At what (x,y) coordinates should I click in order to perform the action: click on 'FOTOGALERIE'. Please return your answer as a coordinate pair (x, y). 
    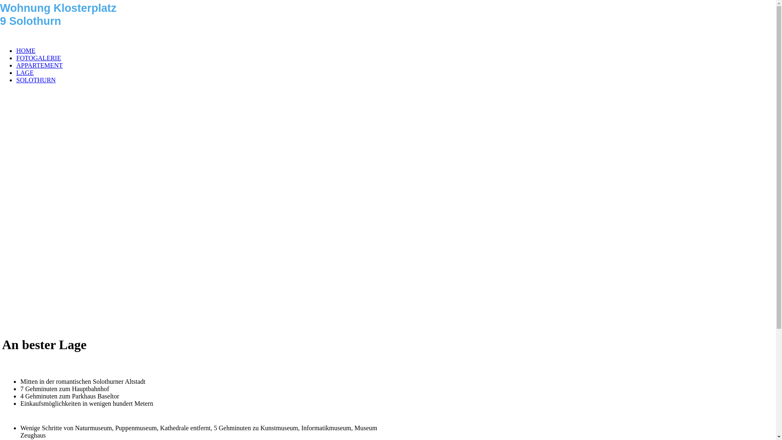
    Looking at the image, I should click on (38, 57).